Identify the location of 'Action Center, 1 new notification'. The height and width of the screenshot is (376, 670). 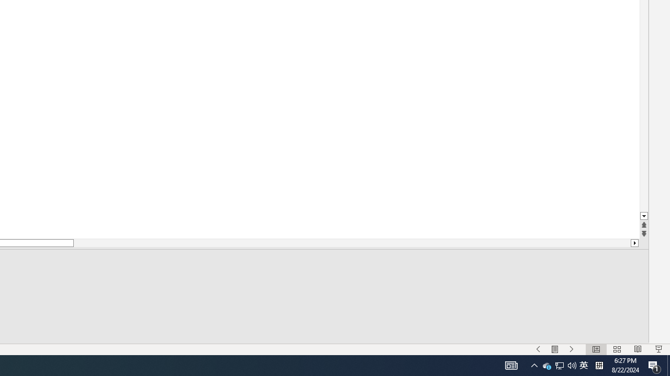
(654, 365).